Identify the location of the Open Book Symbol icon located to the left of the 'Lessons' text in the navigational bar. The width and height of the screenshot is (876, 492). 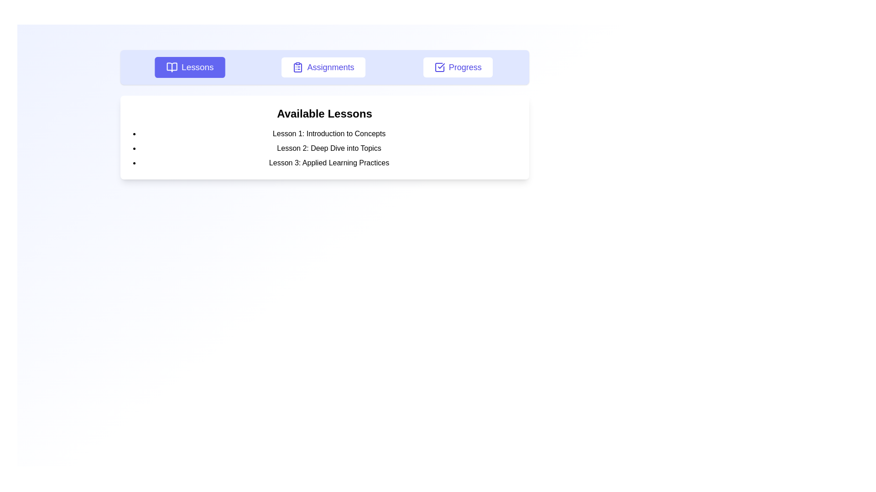
(172, 67).